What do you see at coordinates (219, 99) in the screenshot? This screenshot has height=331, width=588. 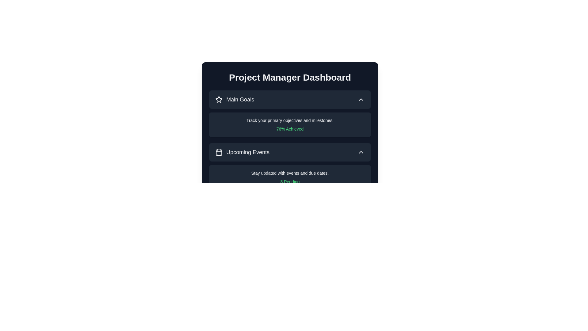 I see `the icon associated with Main Goals` at bounding box center [219, 99].